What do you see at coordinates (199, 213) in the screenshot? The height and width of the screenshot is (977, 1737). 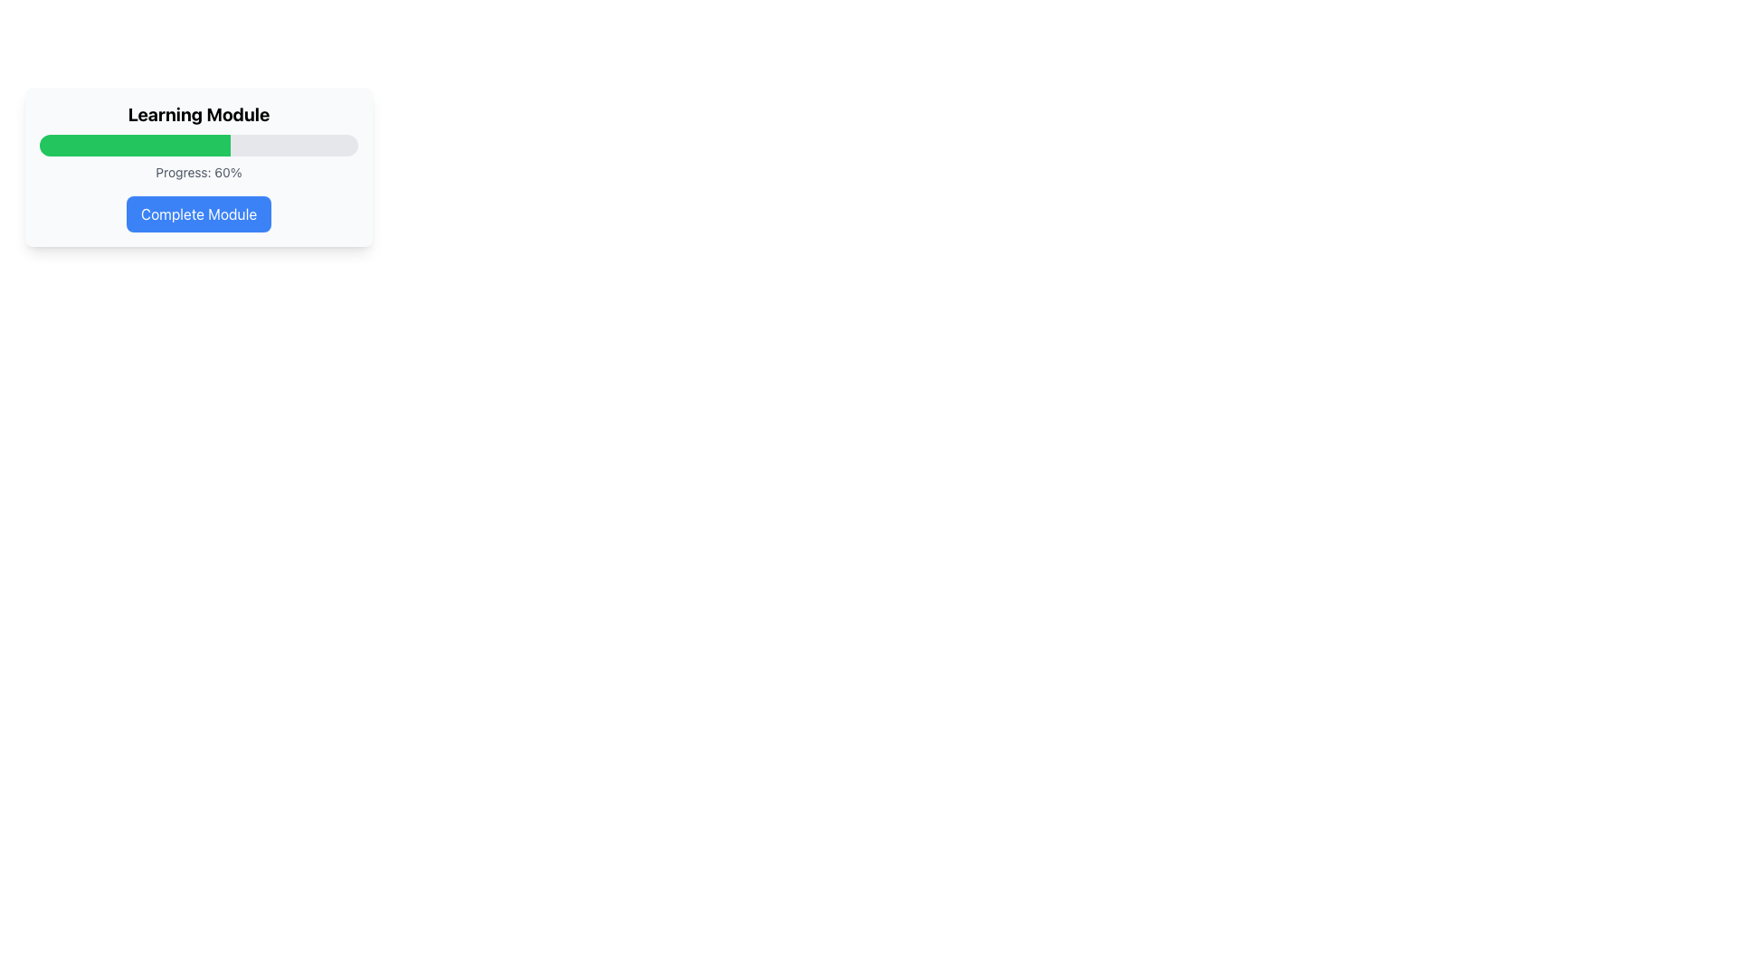 I see `the bright blue button labeled 'Complete Module'` at bounding box center [199, 213].